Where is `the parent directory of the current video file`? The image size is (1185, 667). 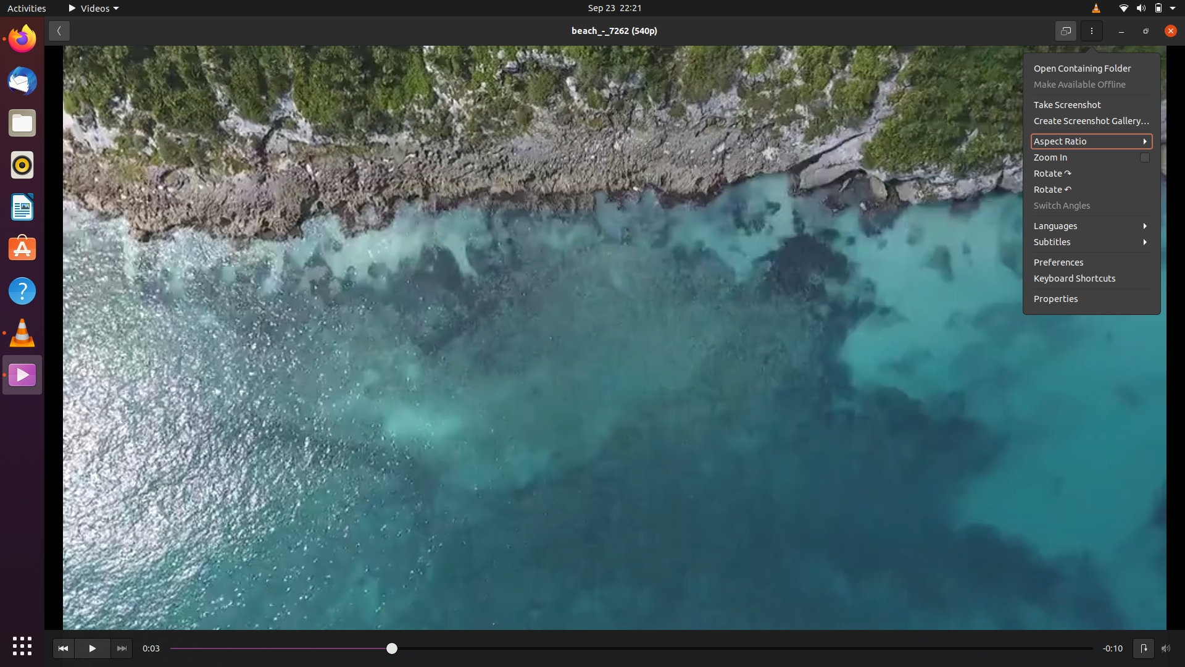
the parent directory of the current video file is located at coordinates (1089, 68).